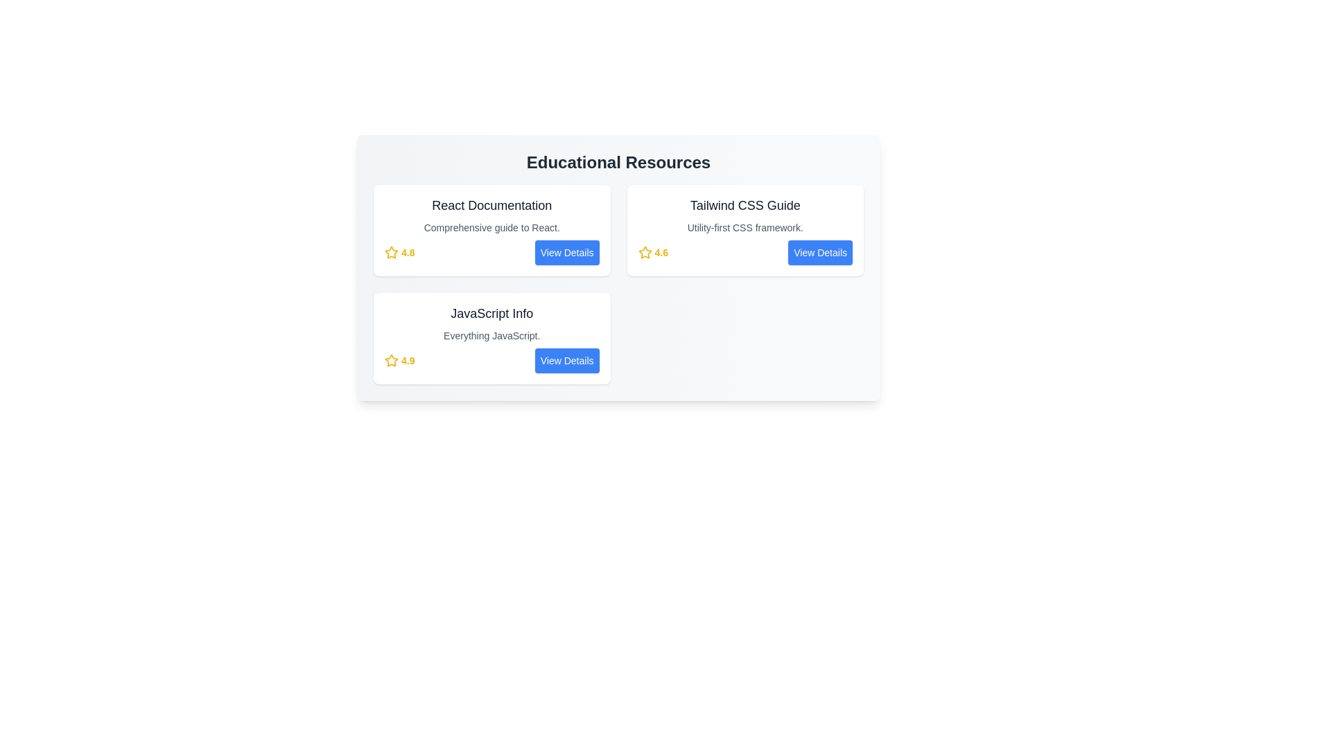  What do you see at coordinates (745, 226) in the screenshot?
I see `the description of the resource titled 'Tailwind CSS Guide'` at bounding box center [745, 226].